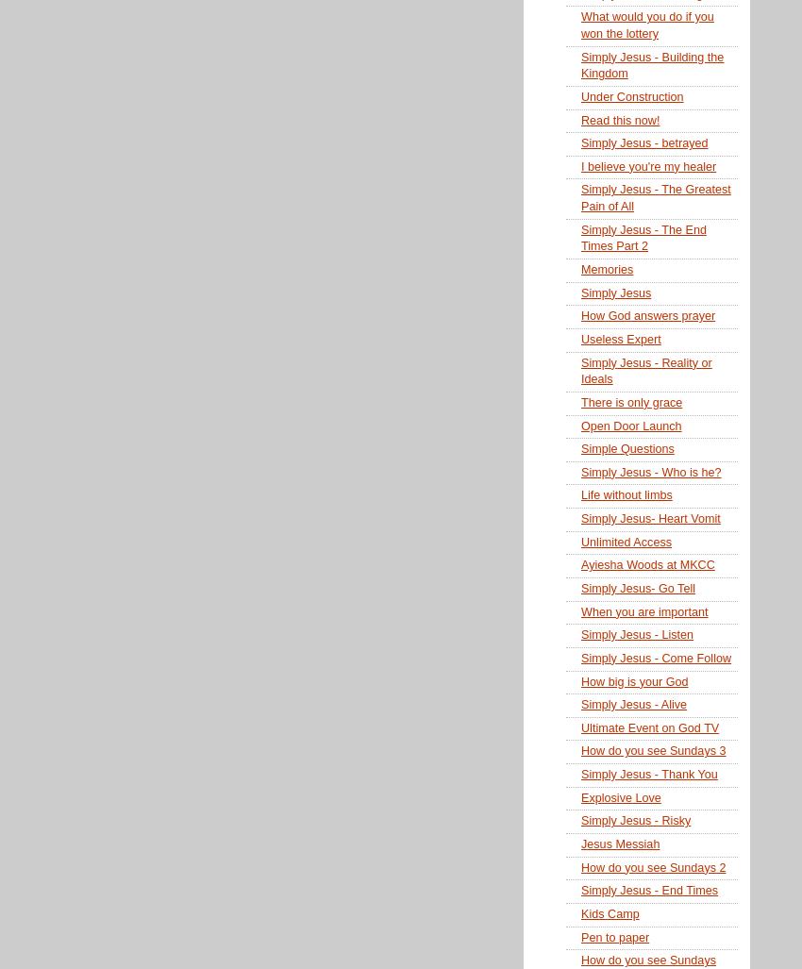 This screenshot has width=802, height=969. I want to click on 'Simply Jesus - The Greatest Pain of All', so click(654, 197).